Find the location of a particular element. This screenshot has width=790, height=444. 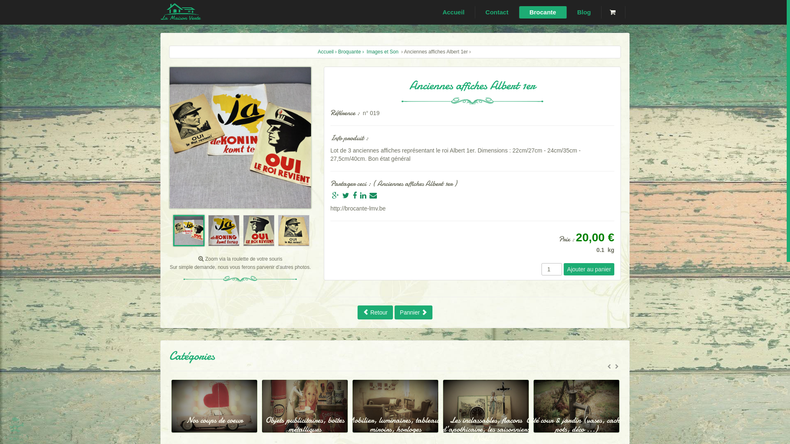

'Pannier' is located at coordinates (394, 312).